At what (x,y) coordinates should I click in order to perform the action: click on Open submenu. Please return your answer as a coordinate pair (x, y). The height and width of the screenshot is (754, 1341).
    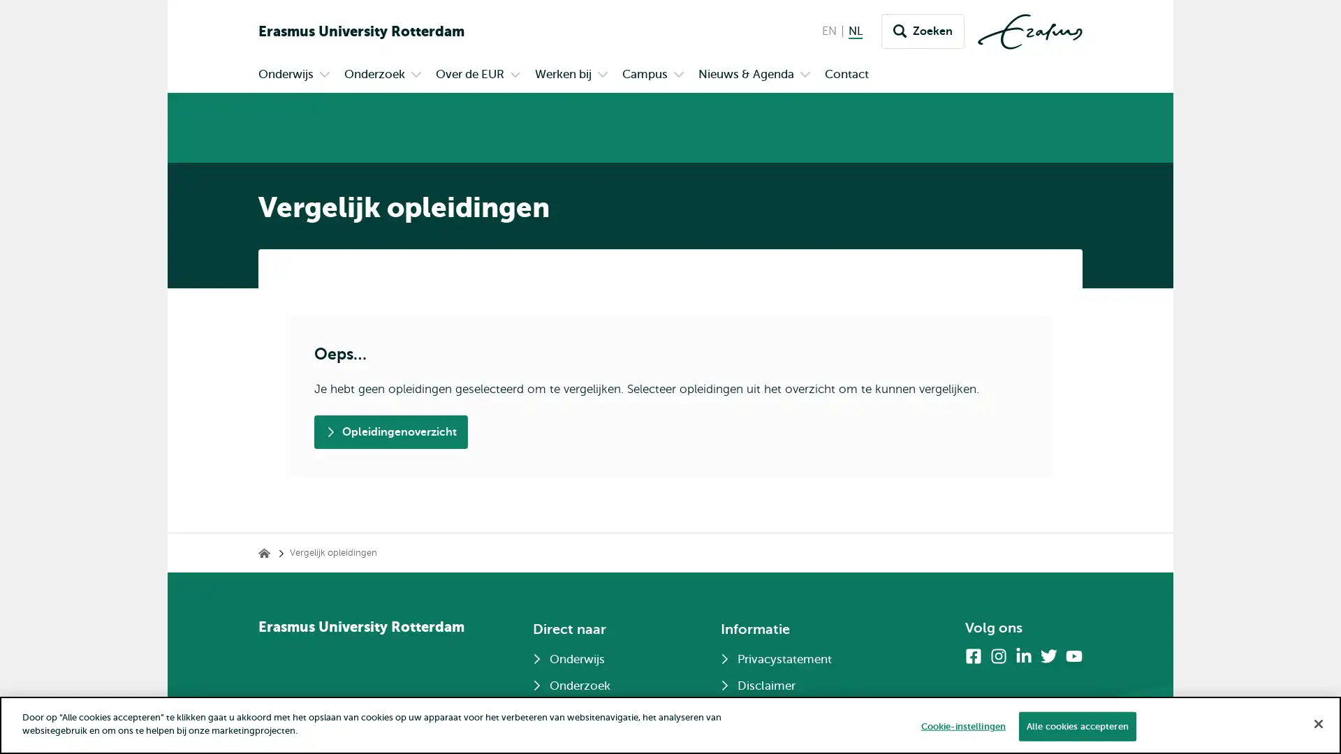
    Looking at the image, I should click on (678, 75).